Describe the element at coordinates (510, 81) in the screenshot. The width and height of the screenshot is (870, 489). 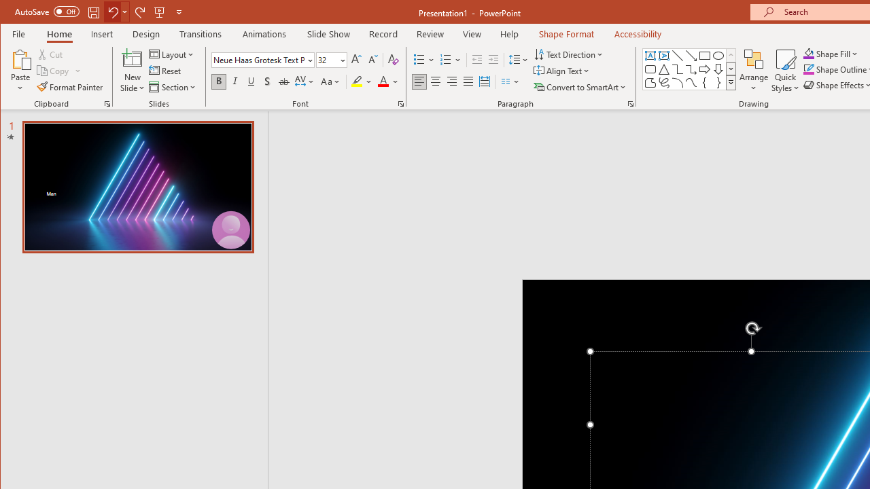
I see `'Columns'` at that location.